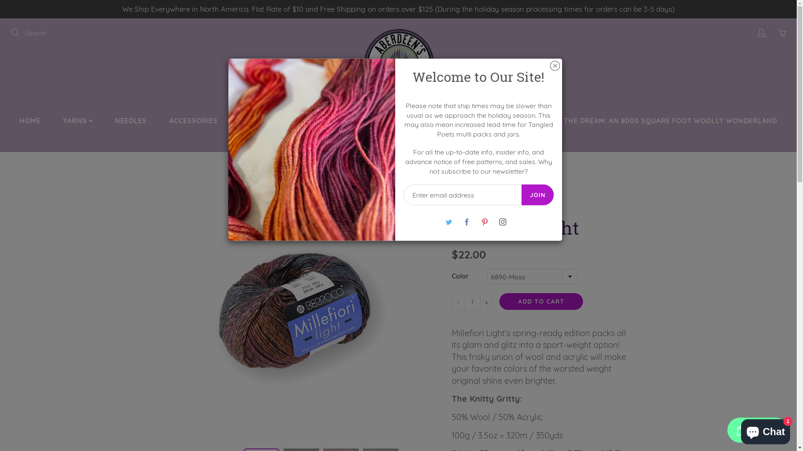 The image size is (803, 451). Describe the element at coordinates (78, 121) in the screenshot. I see `'YARNS'` at that location.